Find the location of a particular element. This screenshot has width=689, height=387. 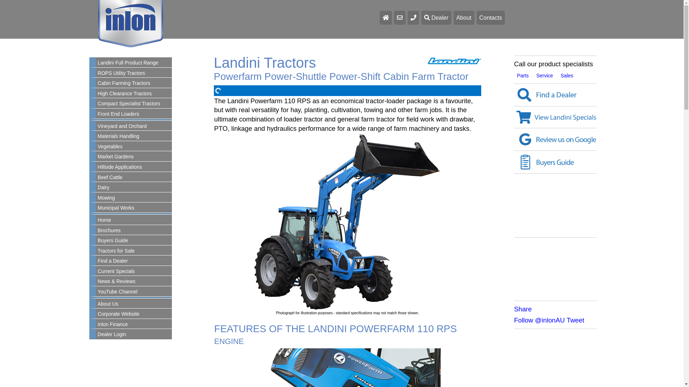

'Corporate Website' is located at coordinates (134, 314).